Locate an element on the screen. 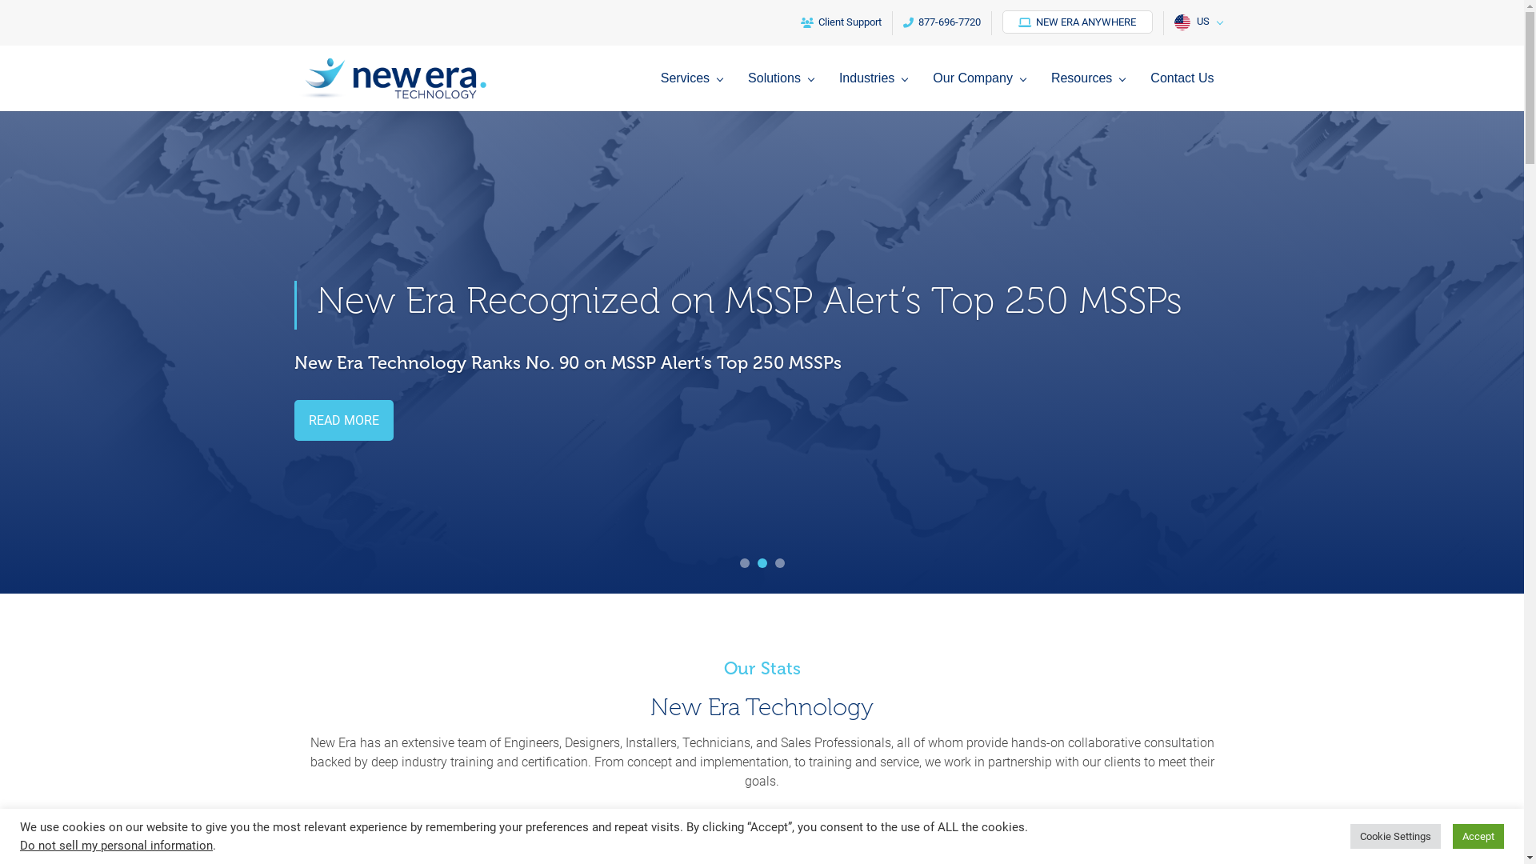 This screenshot has height=864, width=1536. 'Cookie Settings' is located at coordinates (1394, 835).